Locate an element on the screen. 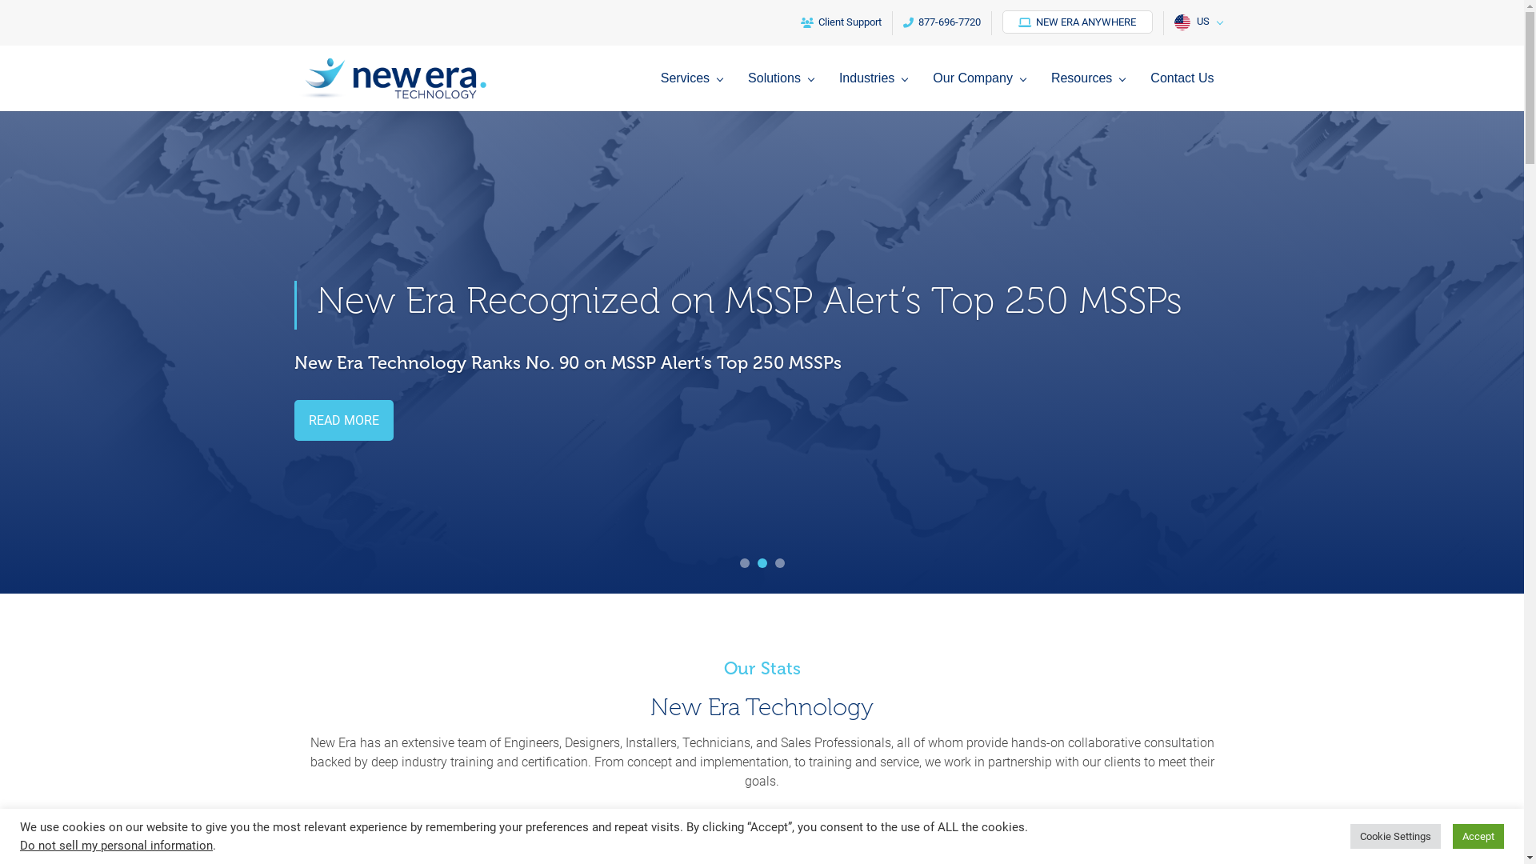 This screenshot has height=864, width=1536. 'Cookie Settings' is located at coordinates (1394, 835).